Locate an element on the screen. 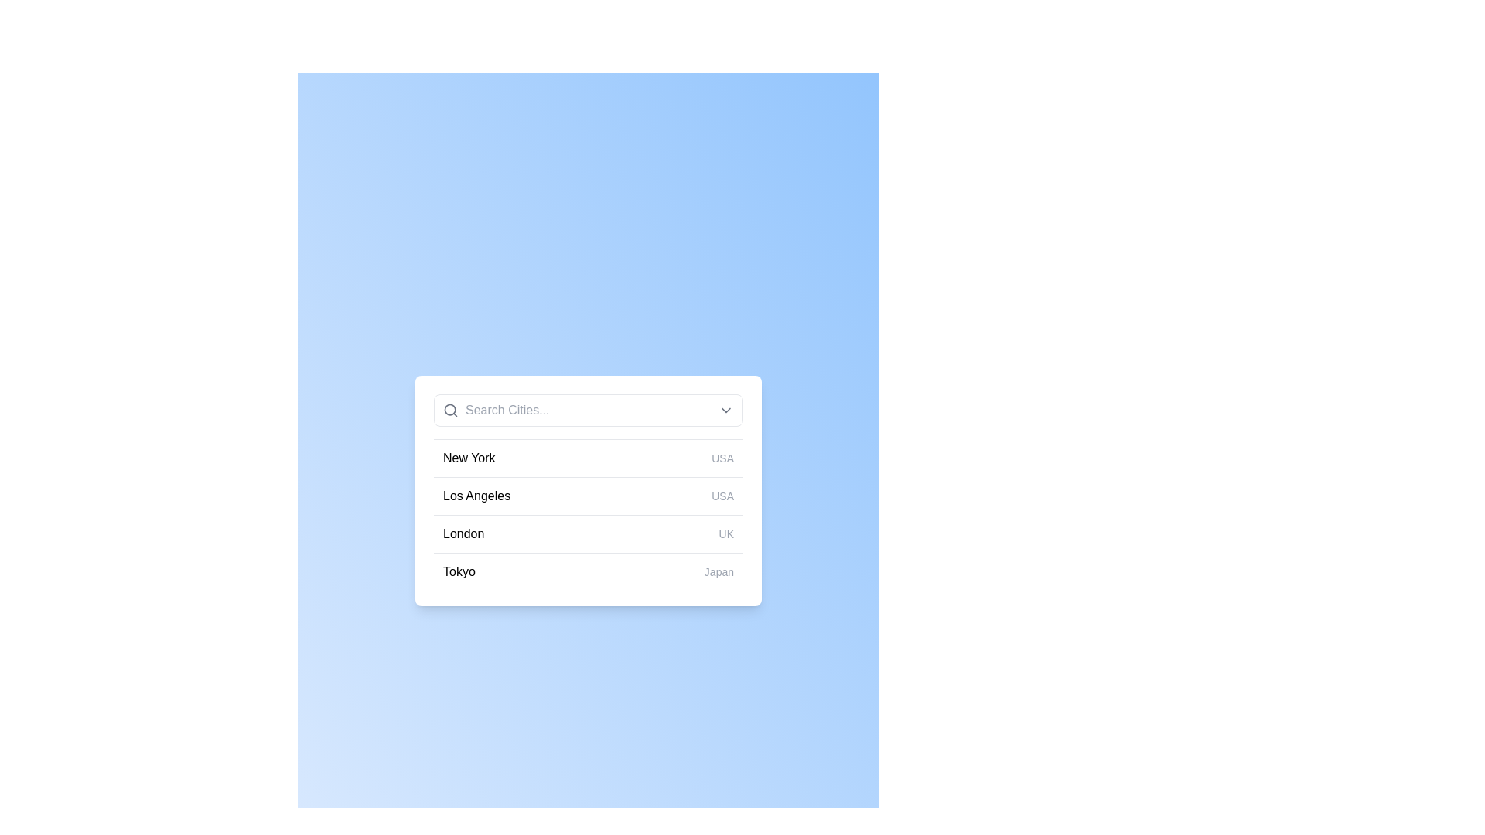 The height and width of the screenshot is (835, 1485). the selectable item 'Los Angeles' in the dropdown list is located at coordinates (476, 496).